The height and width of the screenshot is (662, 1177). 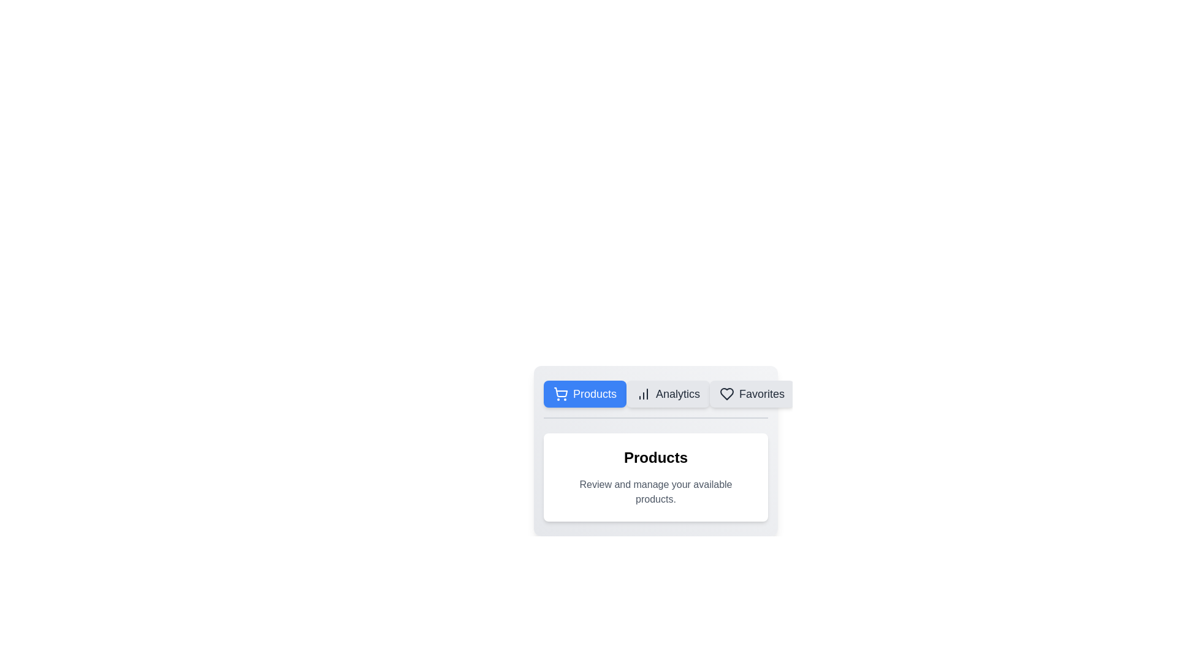 What do you see at coordinates (677, 394) in the screenshot?
I see `the 'Analytics' text label, which is part of the second button in the horizontal navigation menu` at bounding box center [677, 394].